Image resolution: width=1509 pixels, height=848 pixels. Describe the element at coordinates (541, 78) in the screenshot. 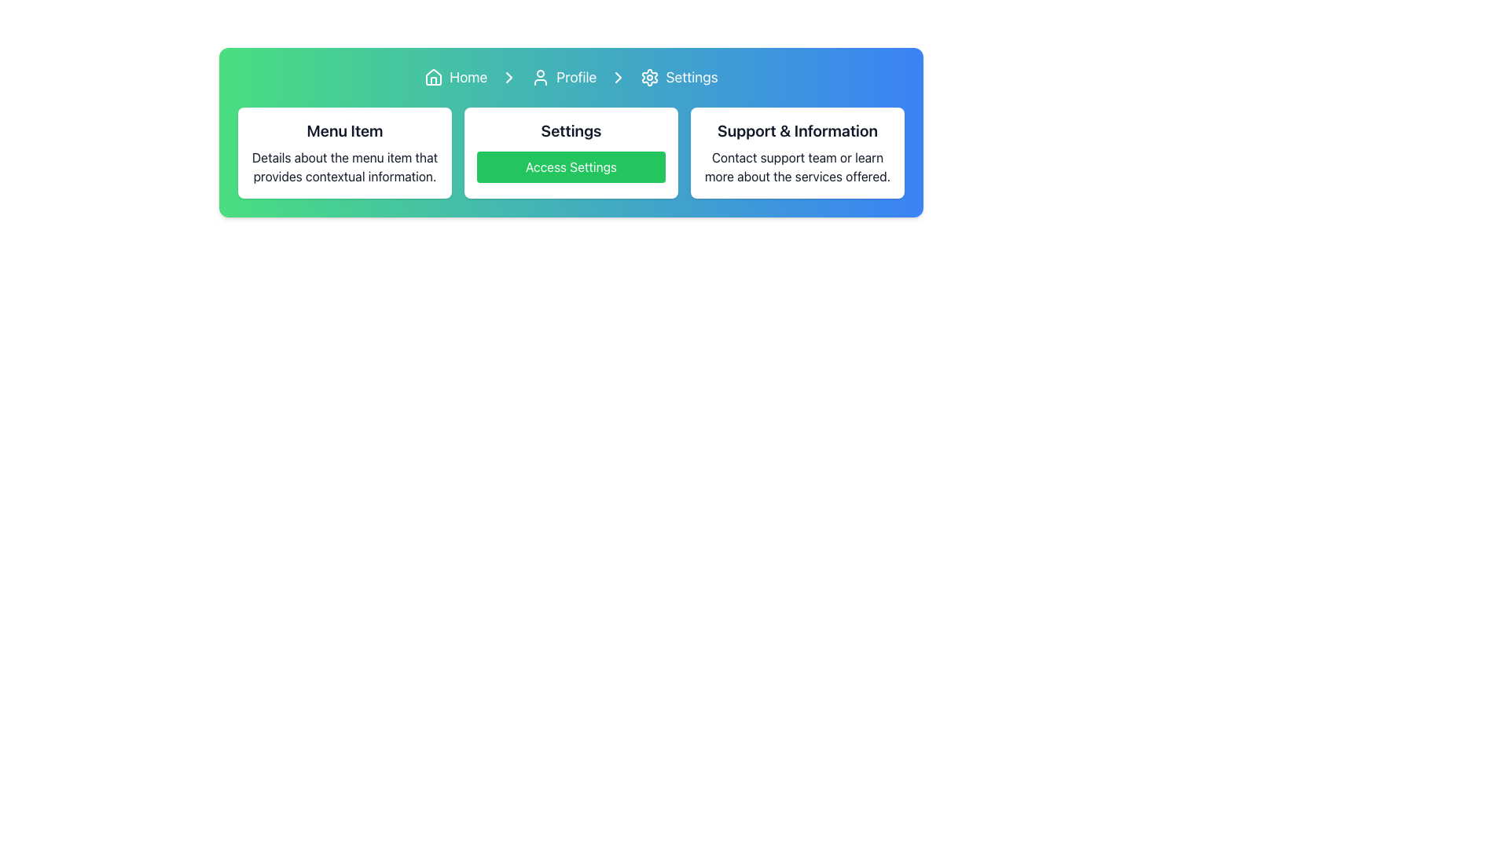

I see `the decorative 'Profile' icon in the breadcrumb navigation, located between 'Home' and 'Settings'` at that location.